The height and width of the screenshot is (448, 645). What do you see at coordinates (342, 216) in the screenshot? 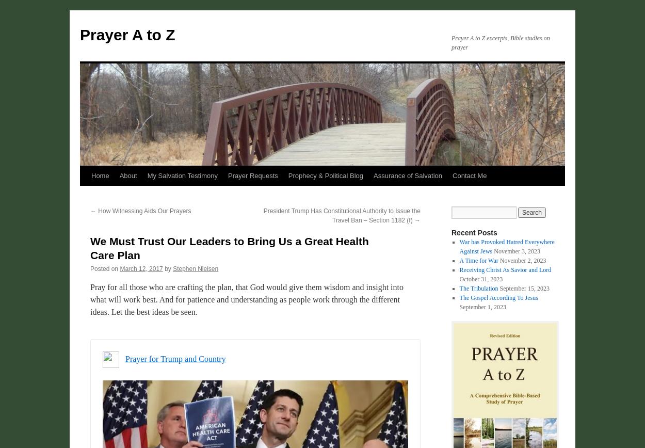
I see `'President Trump Has Constitutional Authority to Issue the Travel Ban – Section 1182 (f)'` at bounding box center [342, 216].